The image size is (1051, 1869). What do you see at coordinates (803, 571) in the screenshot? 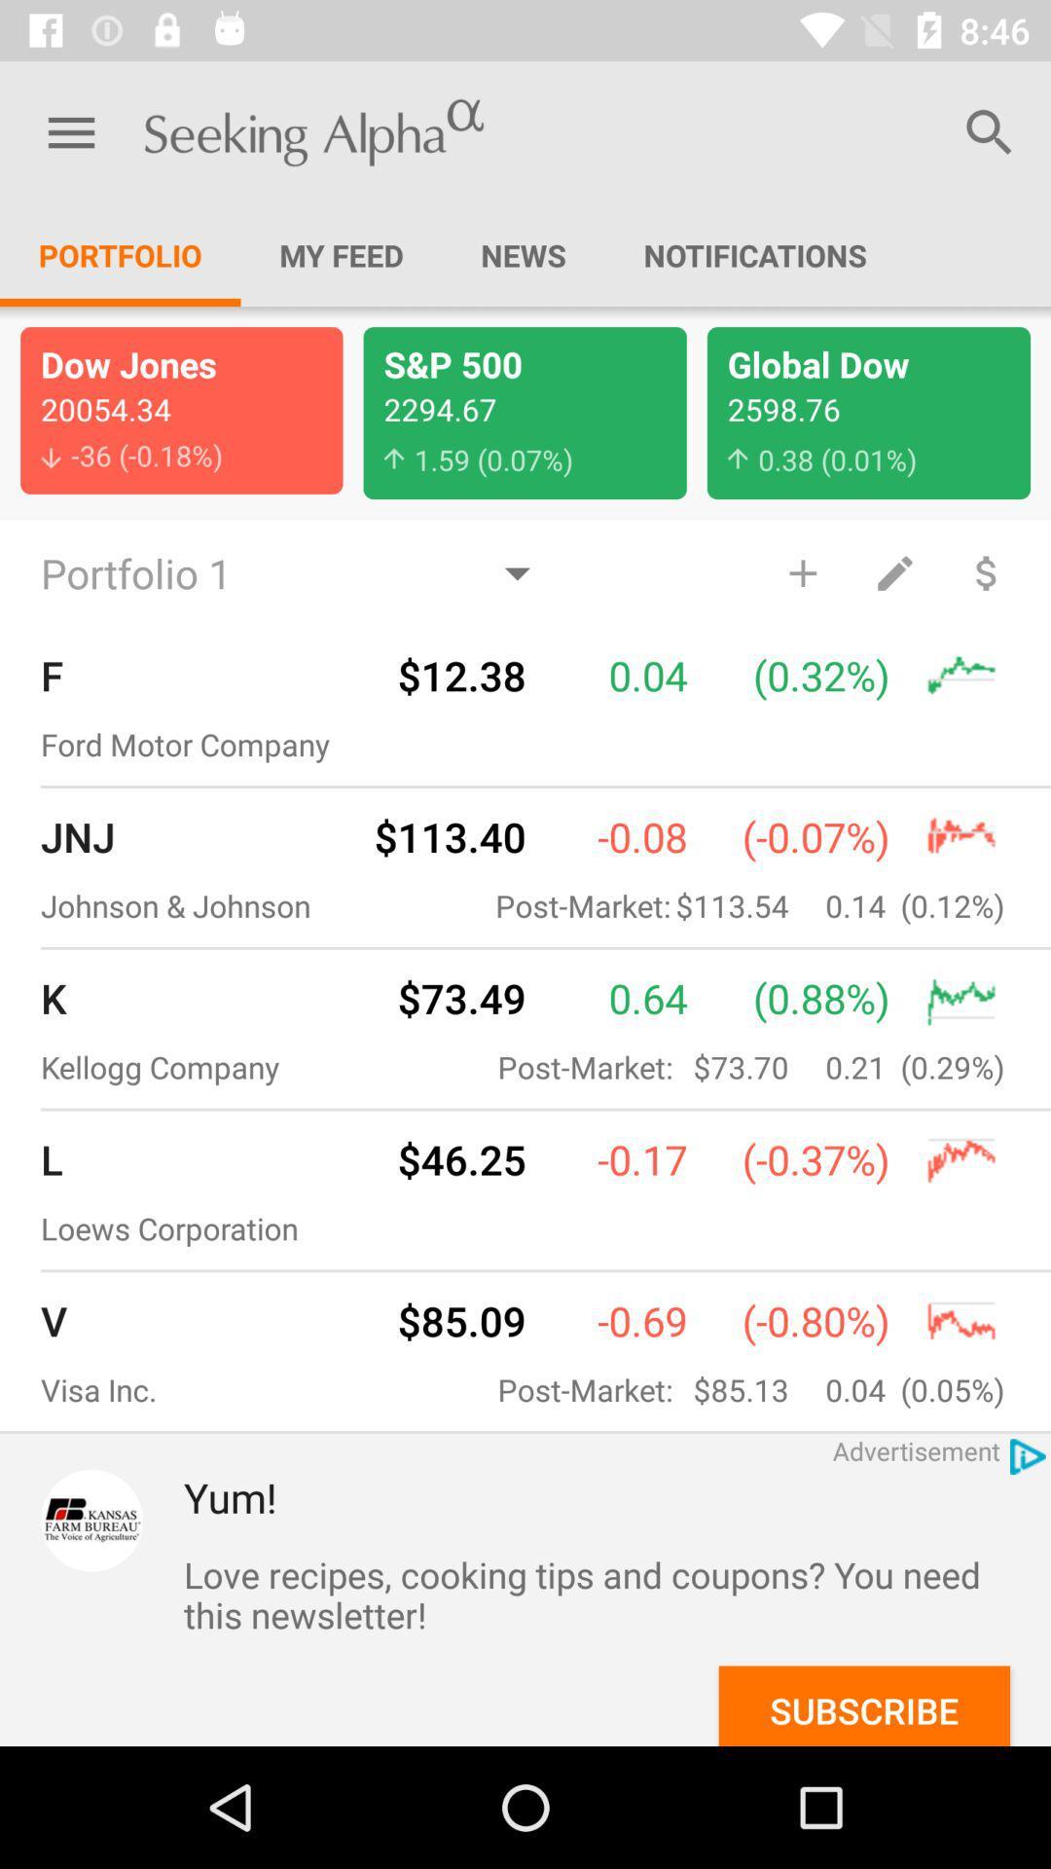
I see `stock to portfolio` at bounding box center [803, 571].